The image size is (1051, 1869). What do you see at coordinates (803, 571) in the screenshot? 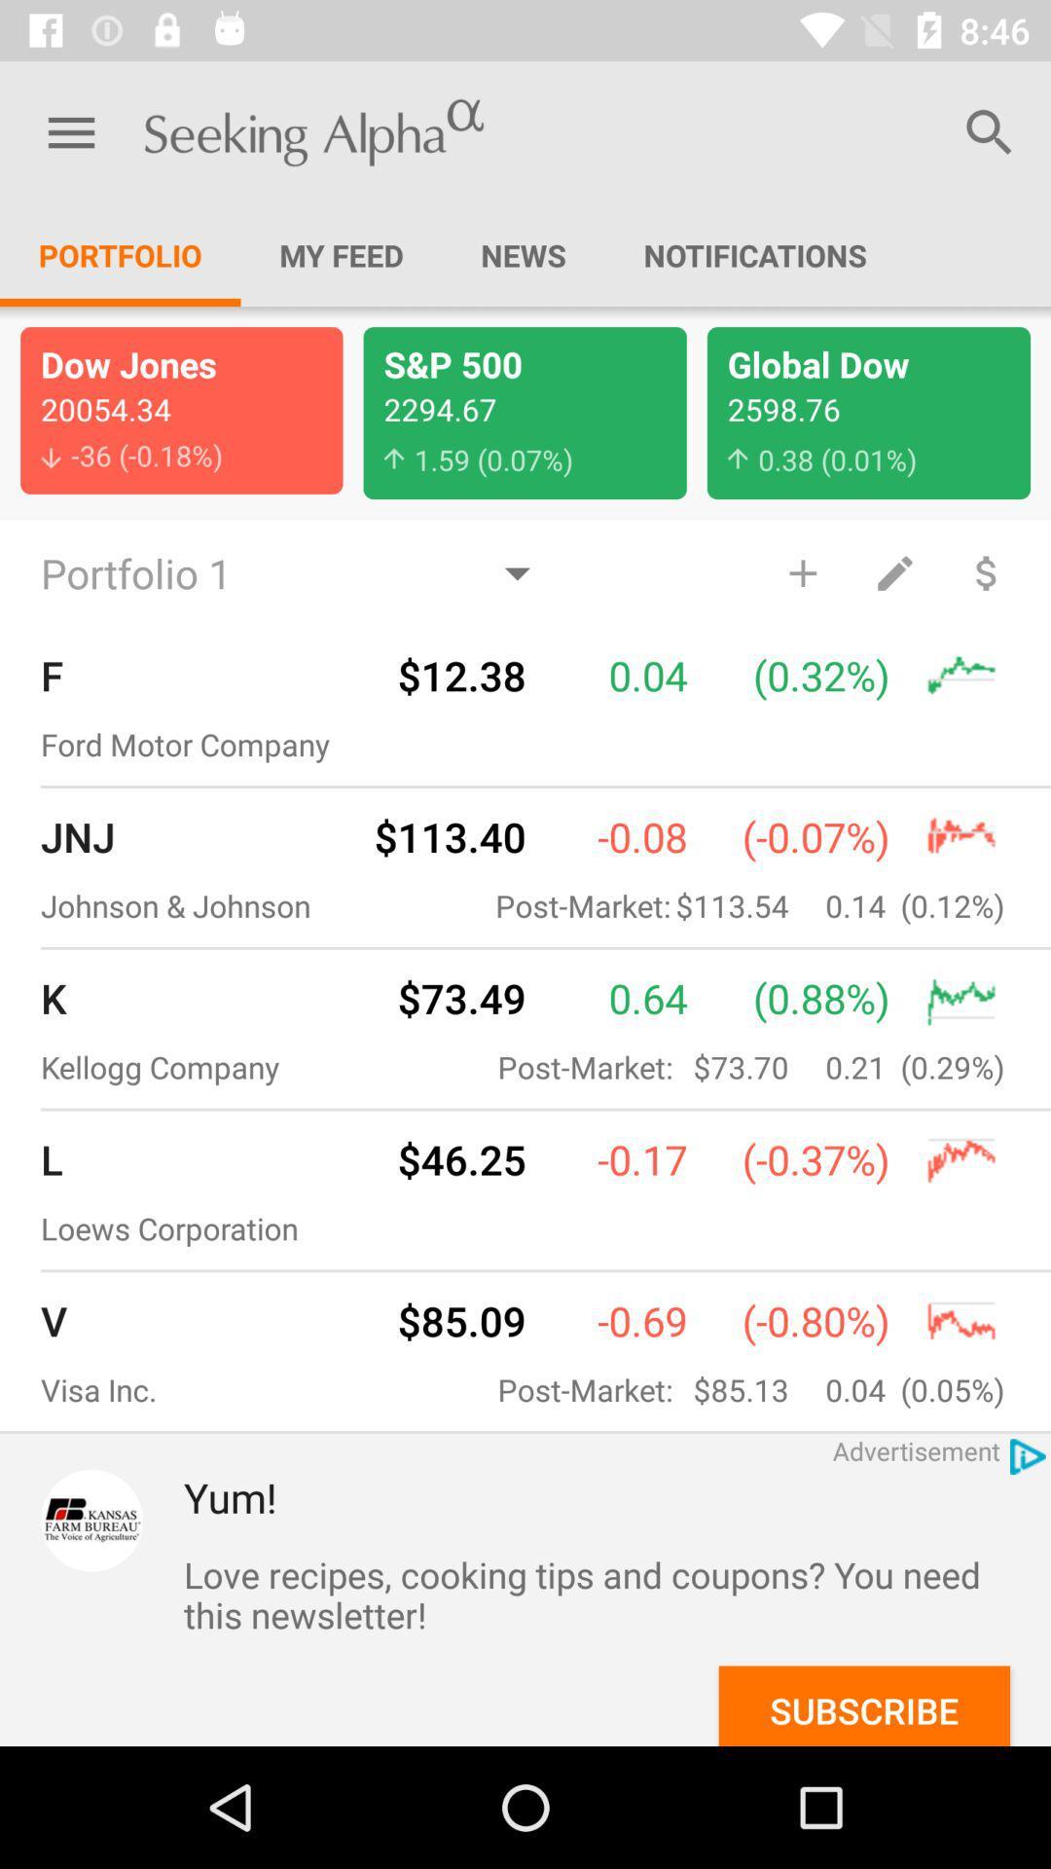
I see `stock to portfolio` at bounding box center [803, 571].